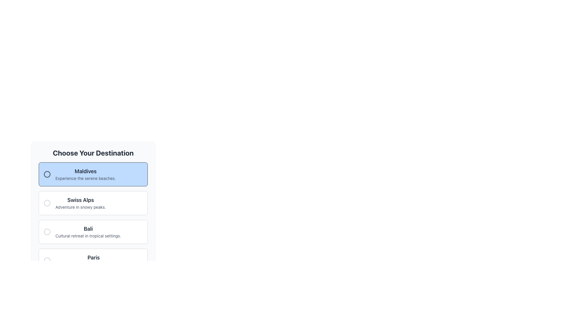 This screenshot has height=317, width=563. Describe the element at coordinates (47, 174) in the screenshot. I see `SVG Circle element that is part of the icon on the left side of the 'Maldives' button, which is styled with a thin stroke and no fill` at that location.